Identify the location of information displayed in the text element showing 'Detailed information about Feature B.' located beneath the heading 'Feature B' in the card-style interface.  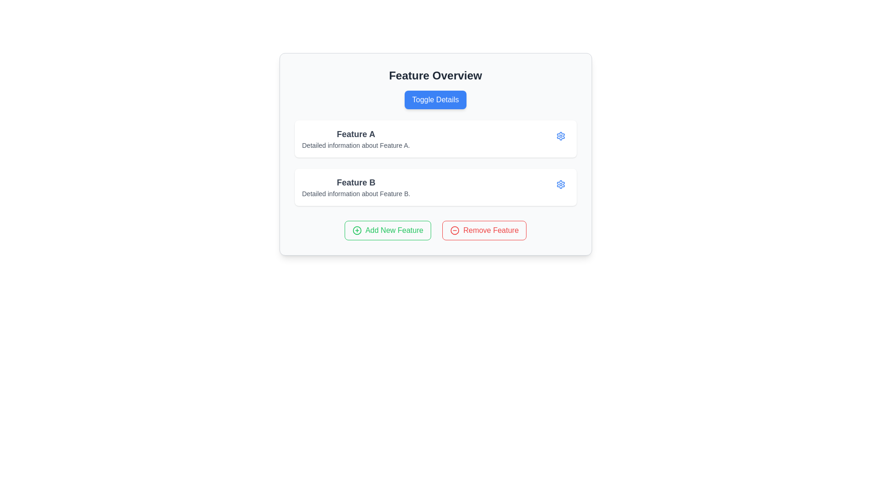
(355, 193).